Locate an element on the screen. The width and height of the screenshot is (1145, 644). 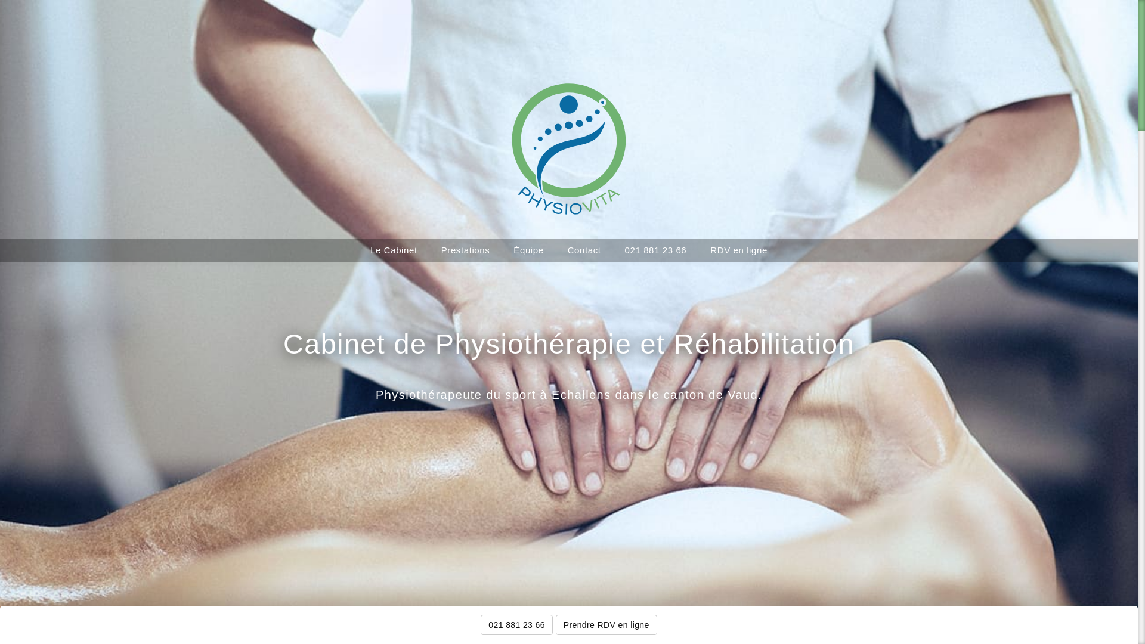
'Contact' is located at coordinates (558, 250).